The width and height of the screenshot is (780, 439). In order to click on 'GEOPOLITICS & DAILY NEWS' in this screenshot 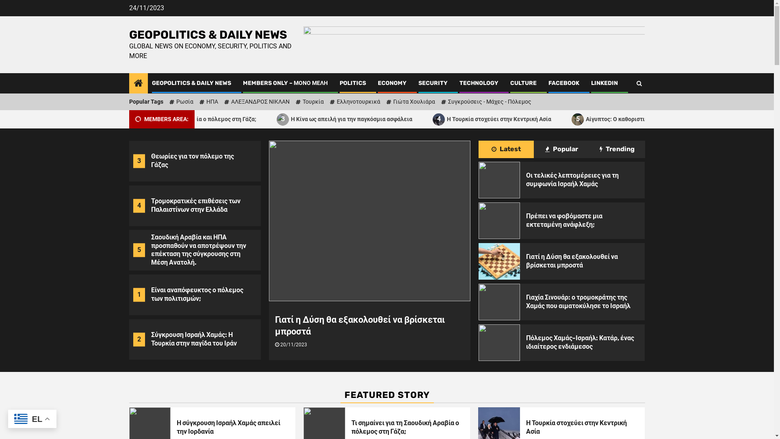, I will do `click(128, 34)`.